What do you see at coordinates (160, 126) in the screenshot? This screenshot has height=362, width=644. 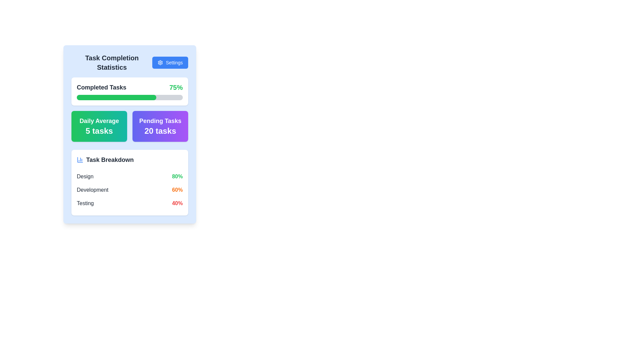 I see `the informative card displaying 'Pending Tasks' with the count '20 tasks', which is located in the second column of the two-column grid layout` at bounding box center [160, 126].